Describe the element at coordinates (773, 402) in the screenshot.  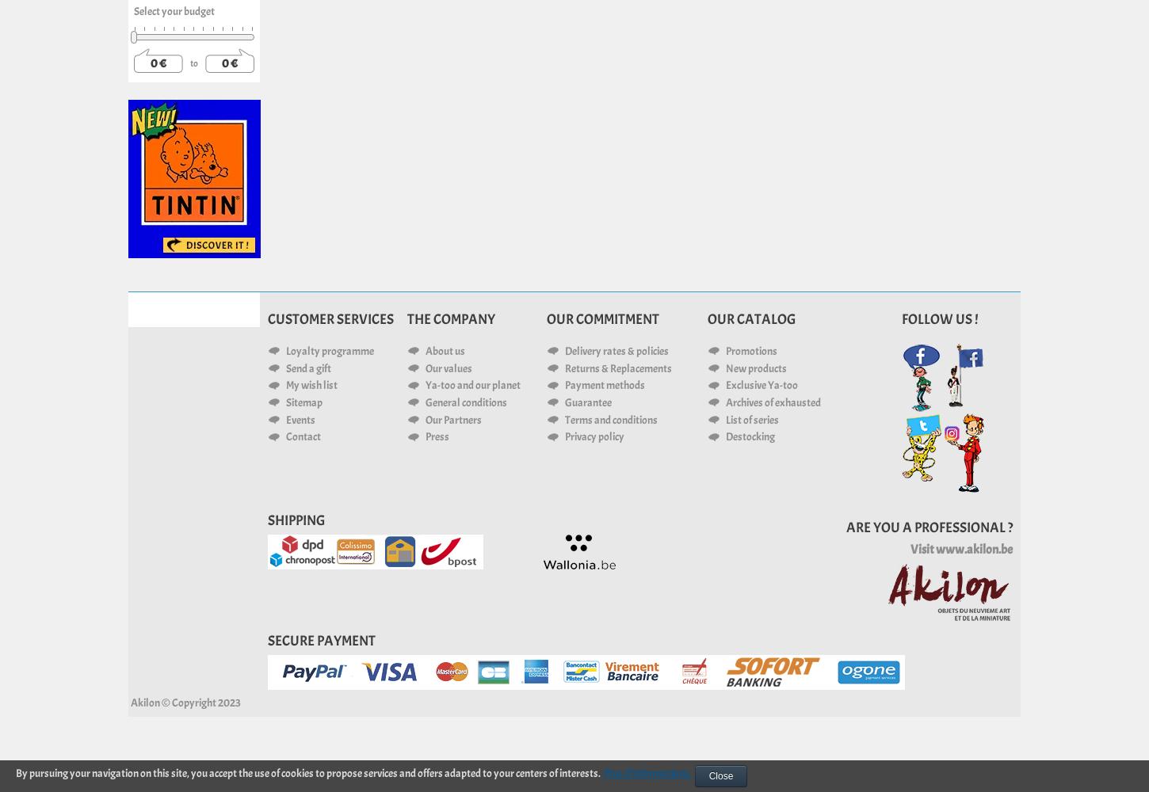
I see `'Archives of exhausted'` at that location.